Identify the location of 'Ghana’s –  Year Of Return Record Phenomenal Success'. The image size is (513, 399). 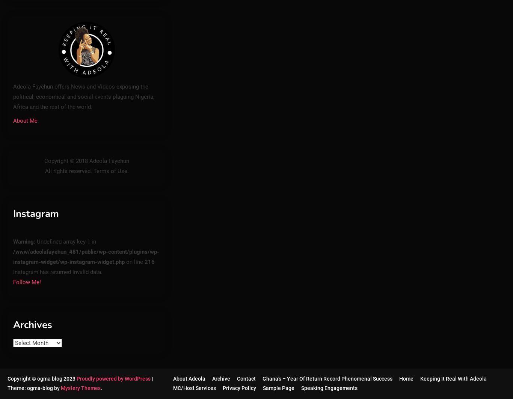
(326, 378).